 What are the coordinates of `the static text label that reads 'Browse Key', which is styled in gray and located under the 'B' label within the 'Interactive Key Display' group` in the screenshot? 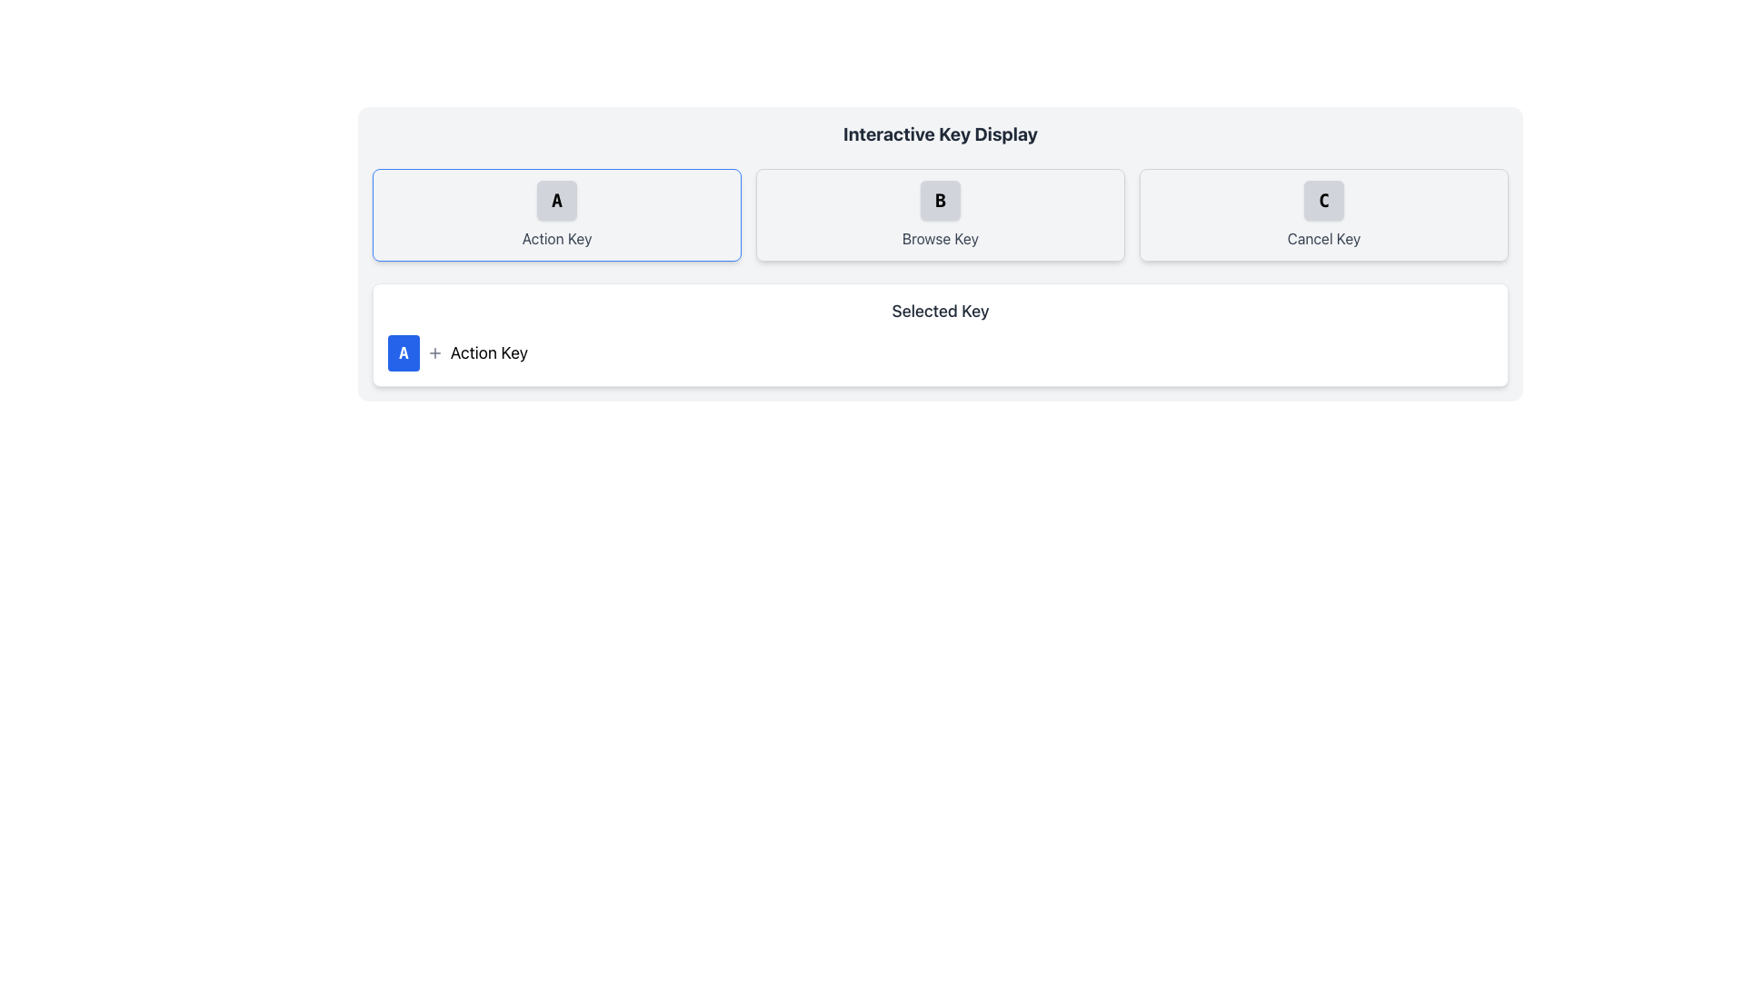 It's located at (941, 237).